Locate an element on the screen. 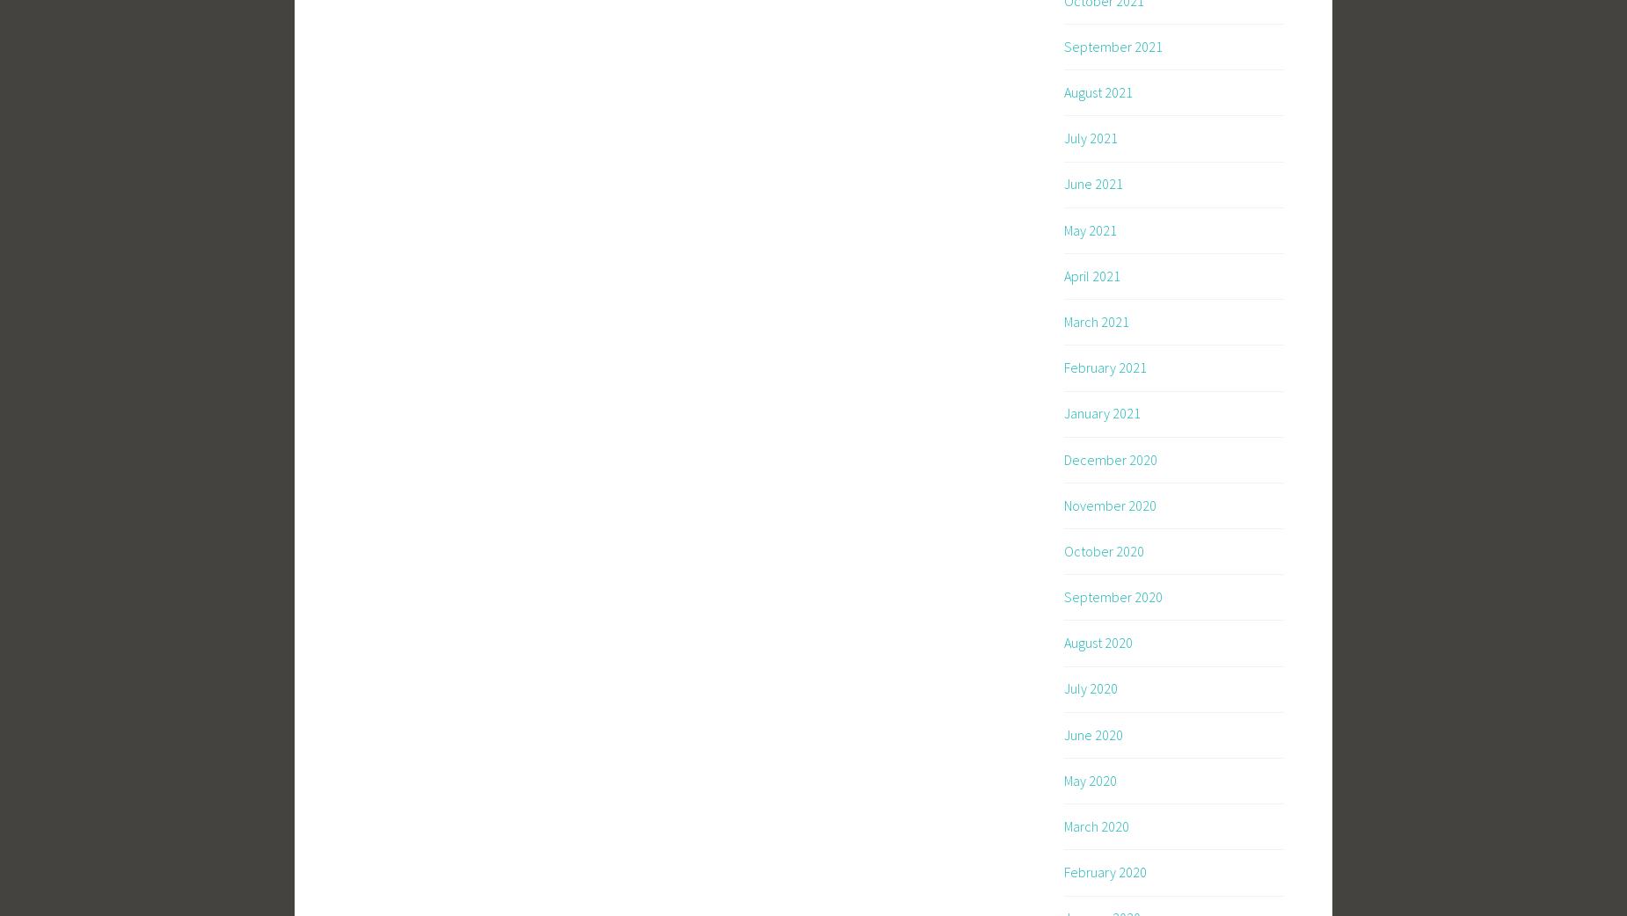 The width and height of the screenshot is (1627, 916). 'August 2020' is located at coordinates (1097, 641).